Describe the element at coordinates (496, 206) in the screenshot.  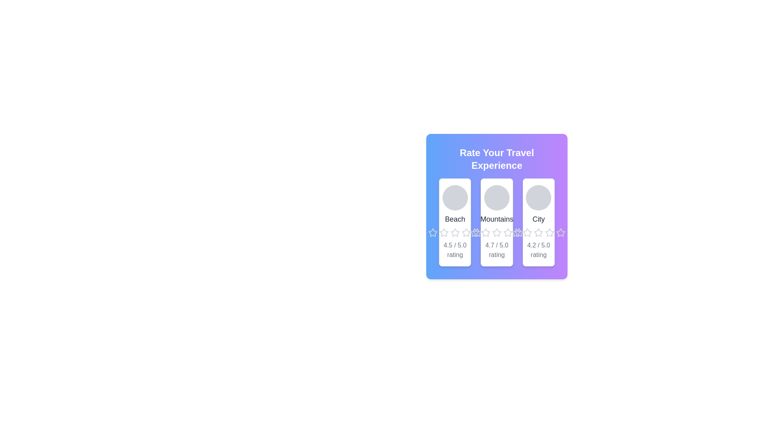
I see `the card component displaying the travel destination 'Mountains' with a rating of '4.7 / 5.0'` at that location.